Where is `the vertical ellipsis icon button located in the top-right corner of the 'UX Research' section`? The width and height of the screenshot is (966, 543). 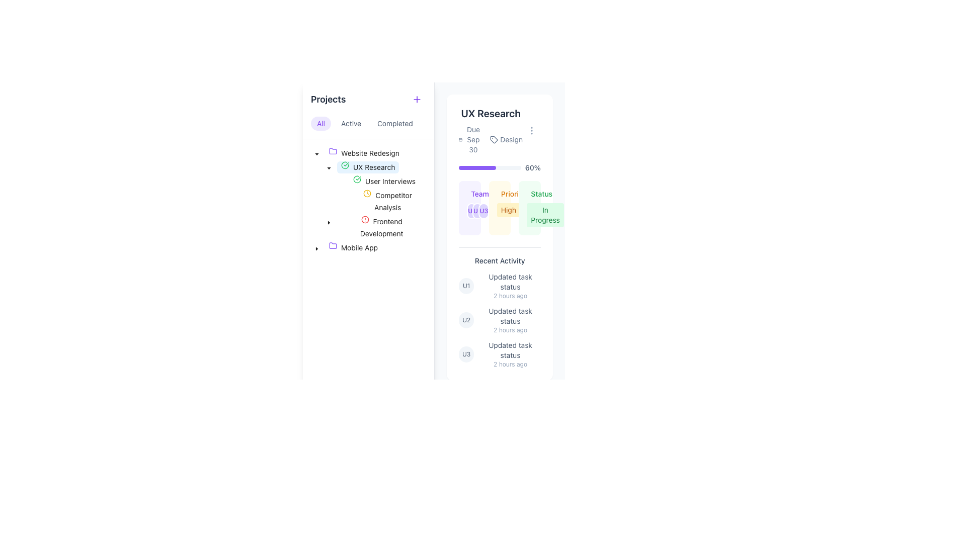
the vertical ellipsis icon button located in the top-right corner of the 'UX Research' section is located at coordinates (531, 130).